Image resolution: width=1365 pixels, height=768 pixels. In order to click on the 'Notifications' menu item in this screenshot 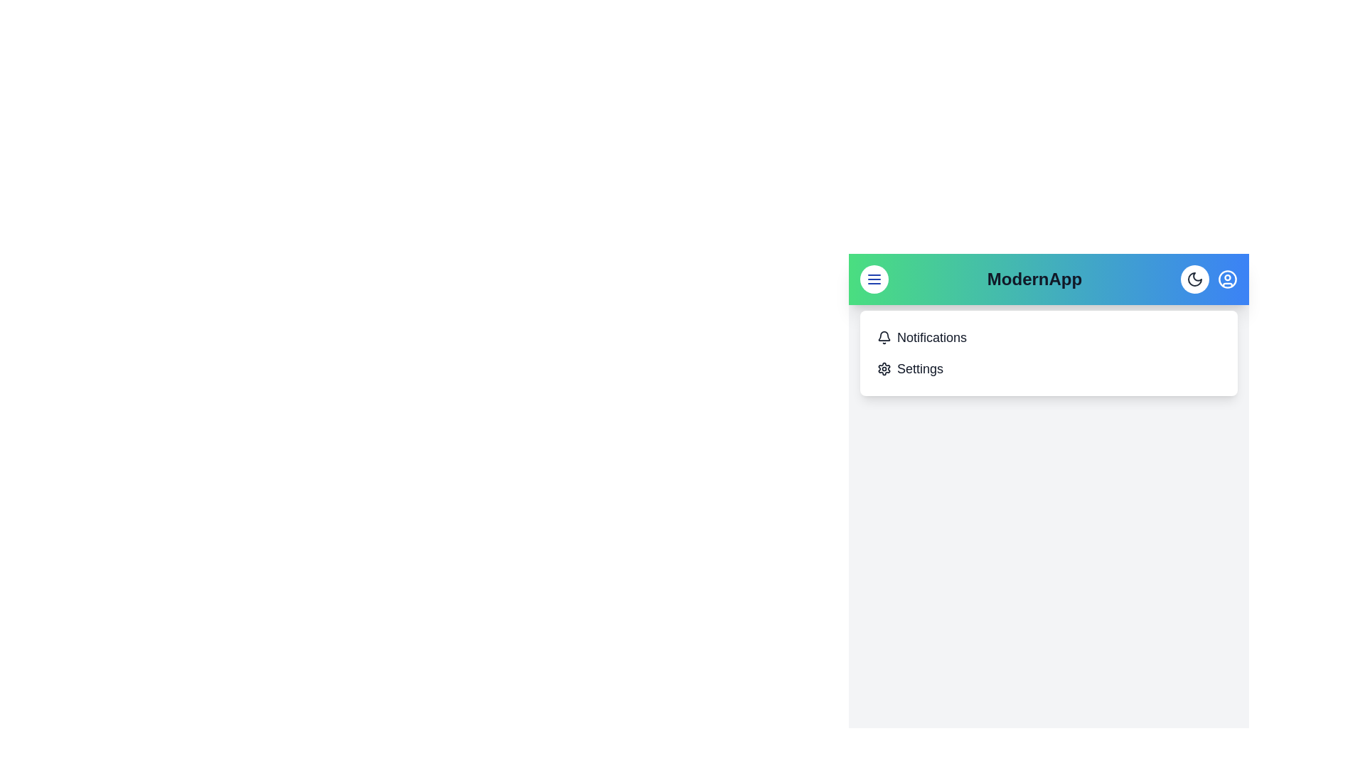, I will do `click(931, 337)`.